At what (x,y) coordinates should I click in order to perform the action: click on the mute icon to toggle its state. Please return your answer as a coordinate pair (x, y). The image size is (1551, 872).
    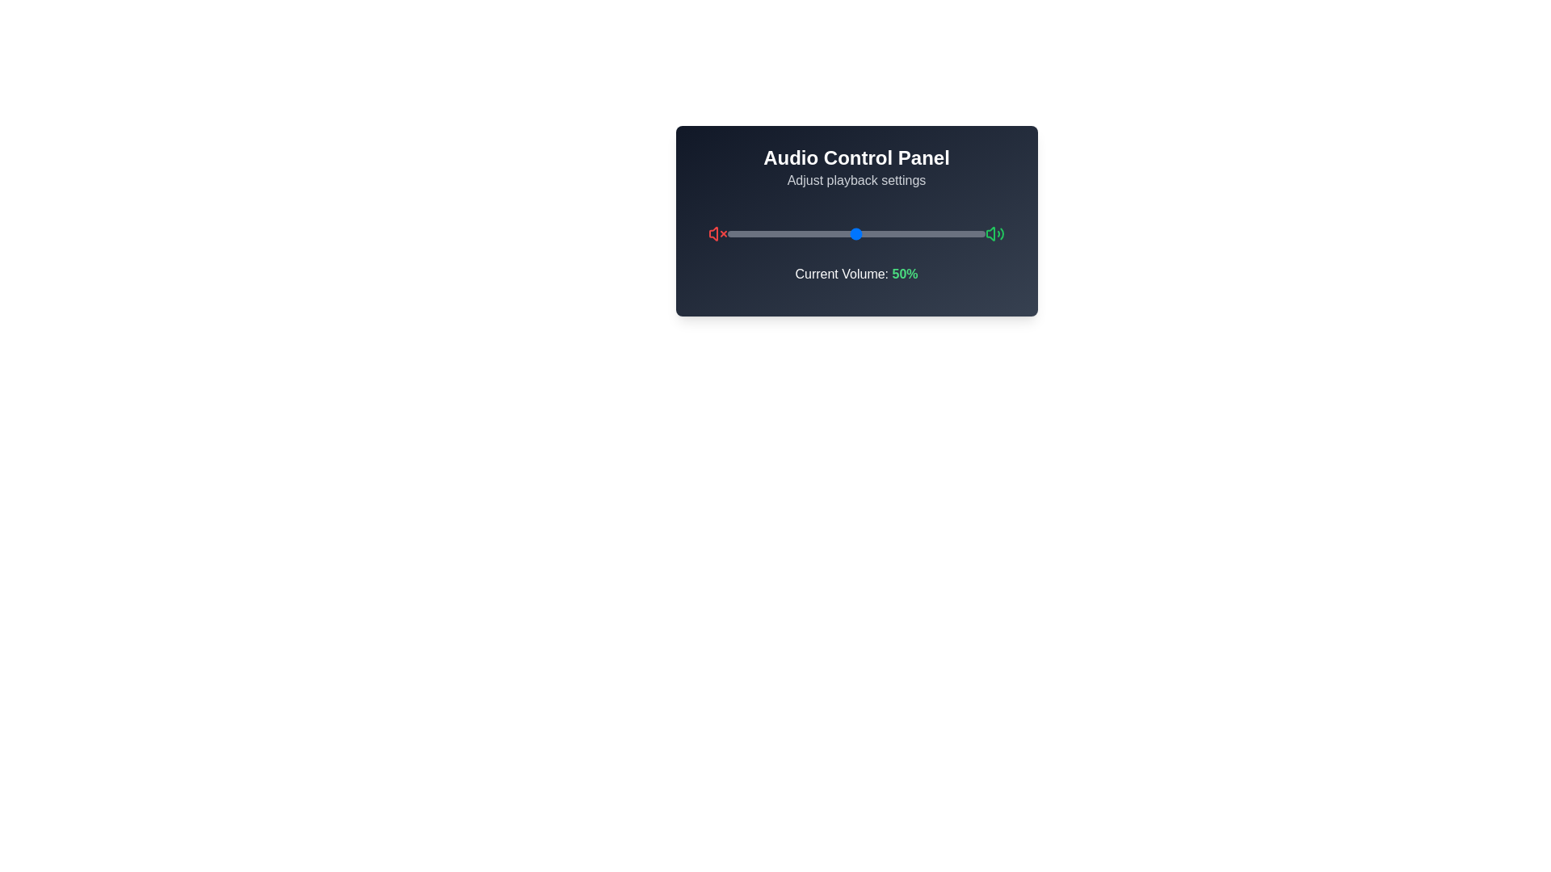
    Looking at the image, I should click on (717, 233).